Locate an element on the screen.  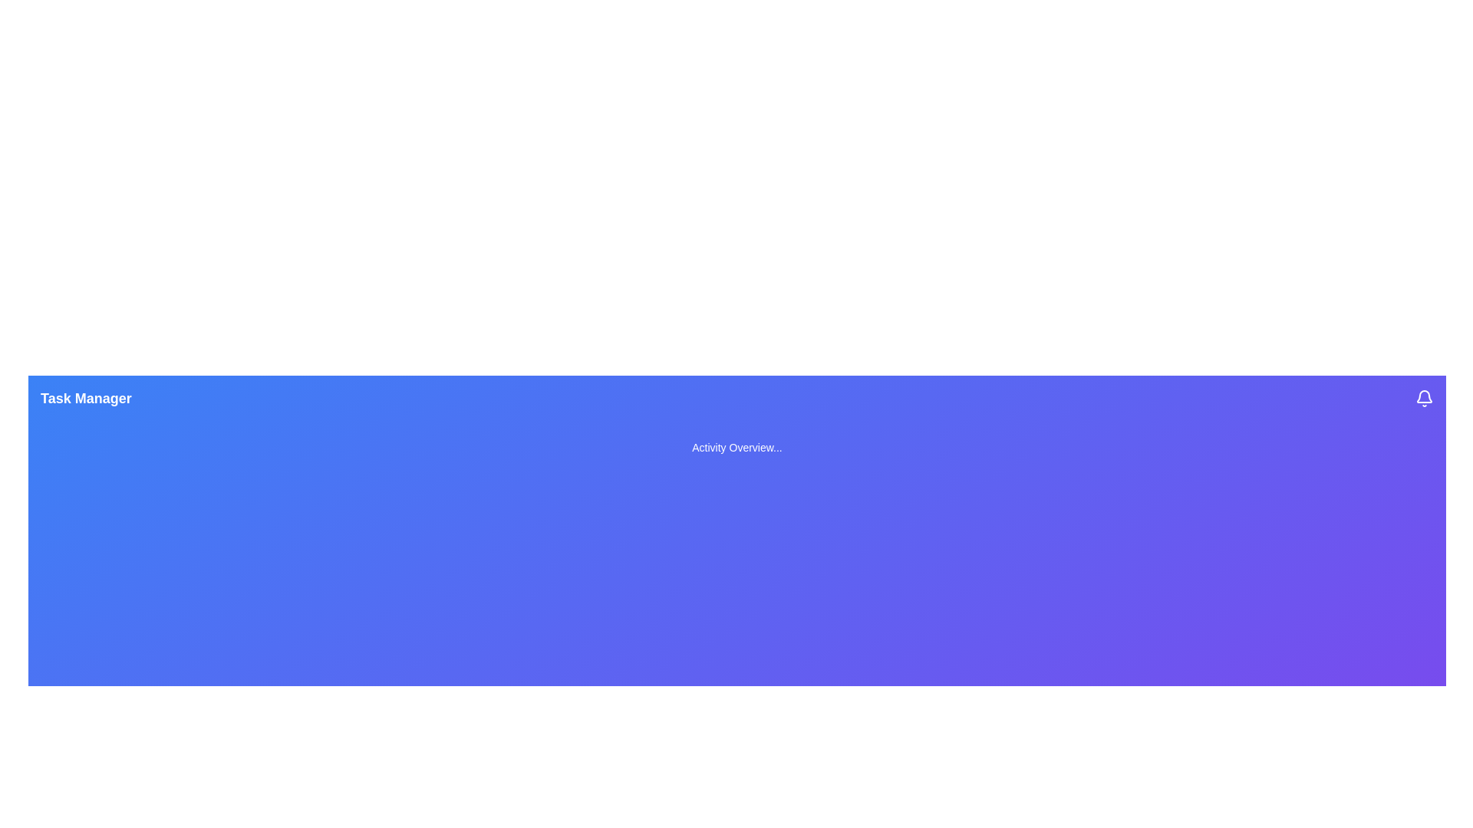
the main body portion of the bell icon located in the top-right corner of the interface is located at coordinates (1424, 396).